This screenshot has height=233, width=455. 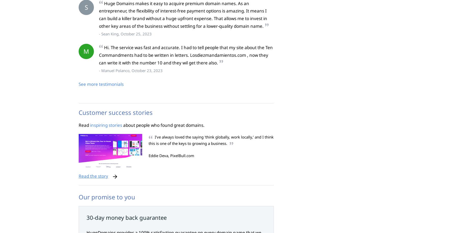 What do you see at coordinates (183, 14) in the screenshot?
I see `'Huge Domains makes it easy to acquire premium domain names. As an entrepreneur, the flexibility of interest-free payment options is amazing. It means I can build a killer brand without a huge upfront expense. That allows me to invest in other key areas of the business without settling for a lower-quality domain name.'` at bounding box center [183, 14].